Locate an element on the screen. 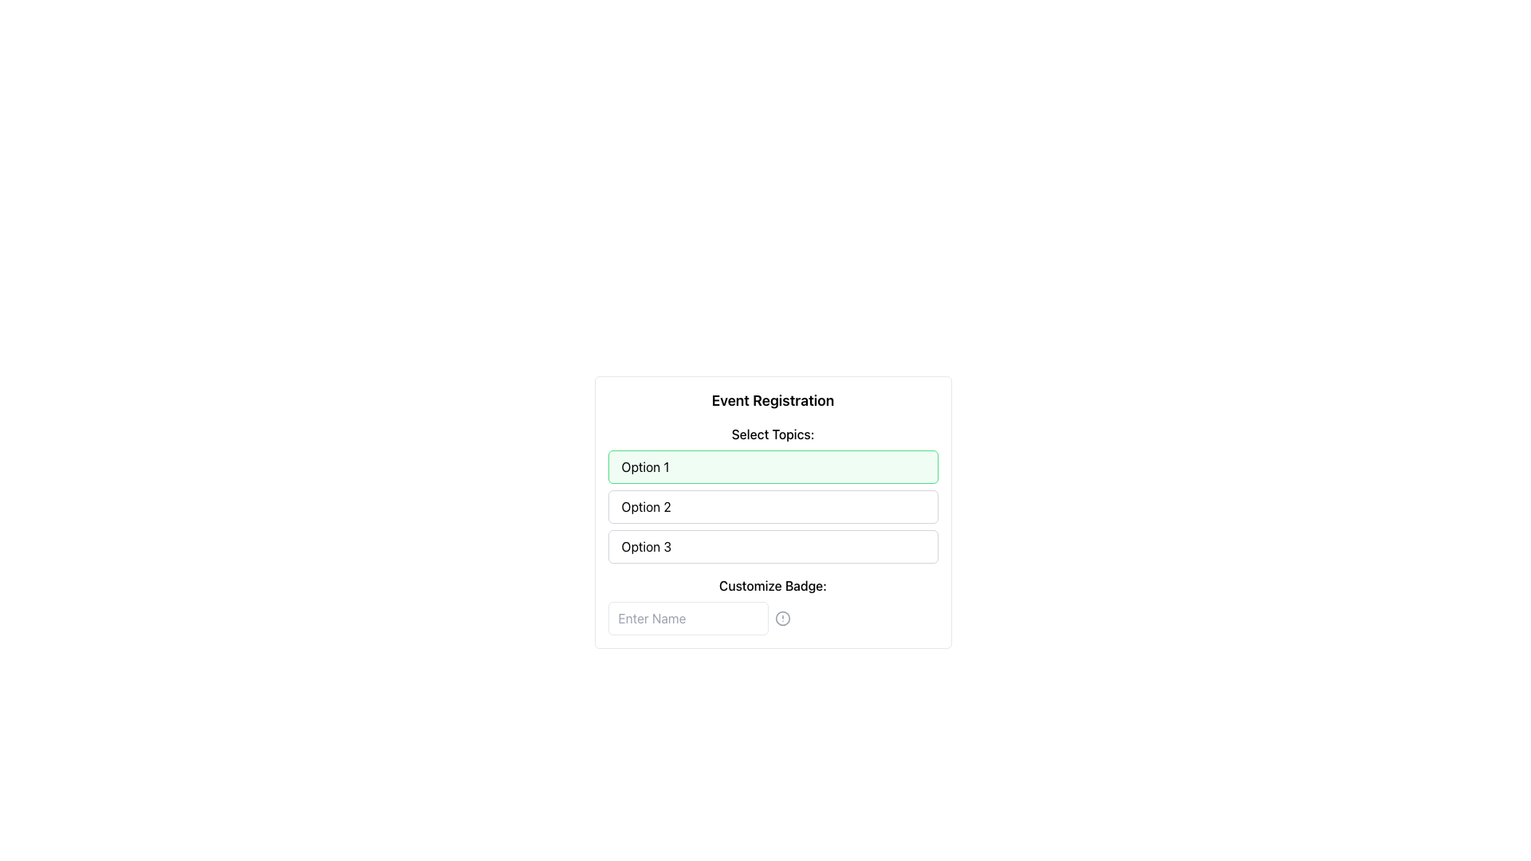 The image size is (1531, 861). the second button labeled 'Option 2' in the 'Select Topics:' section is located at coordinates (773, 513).